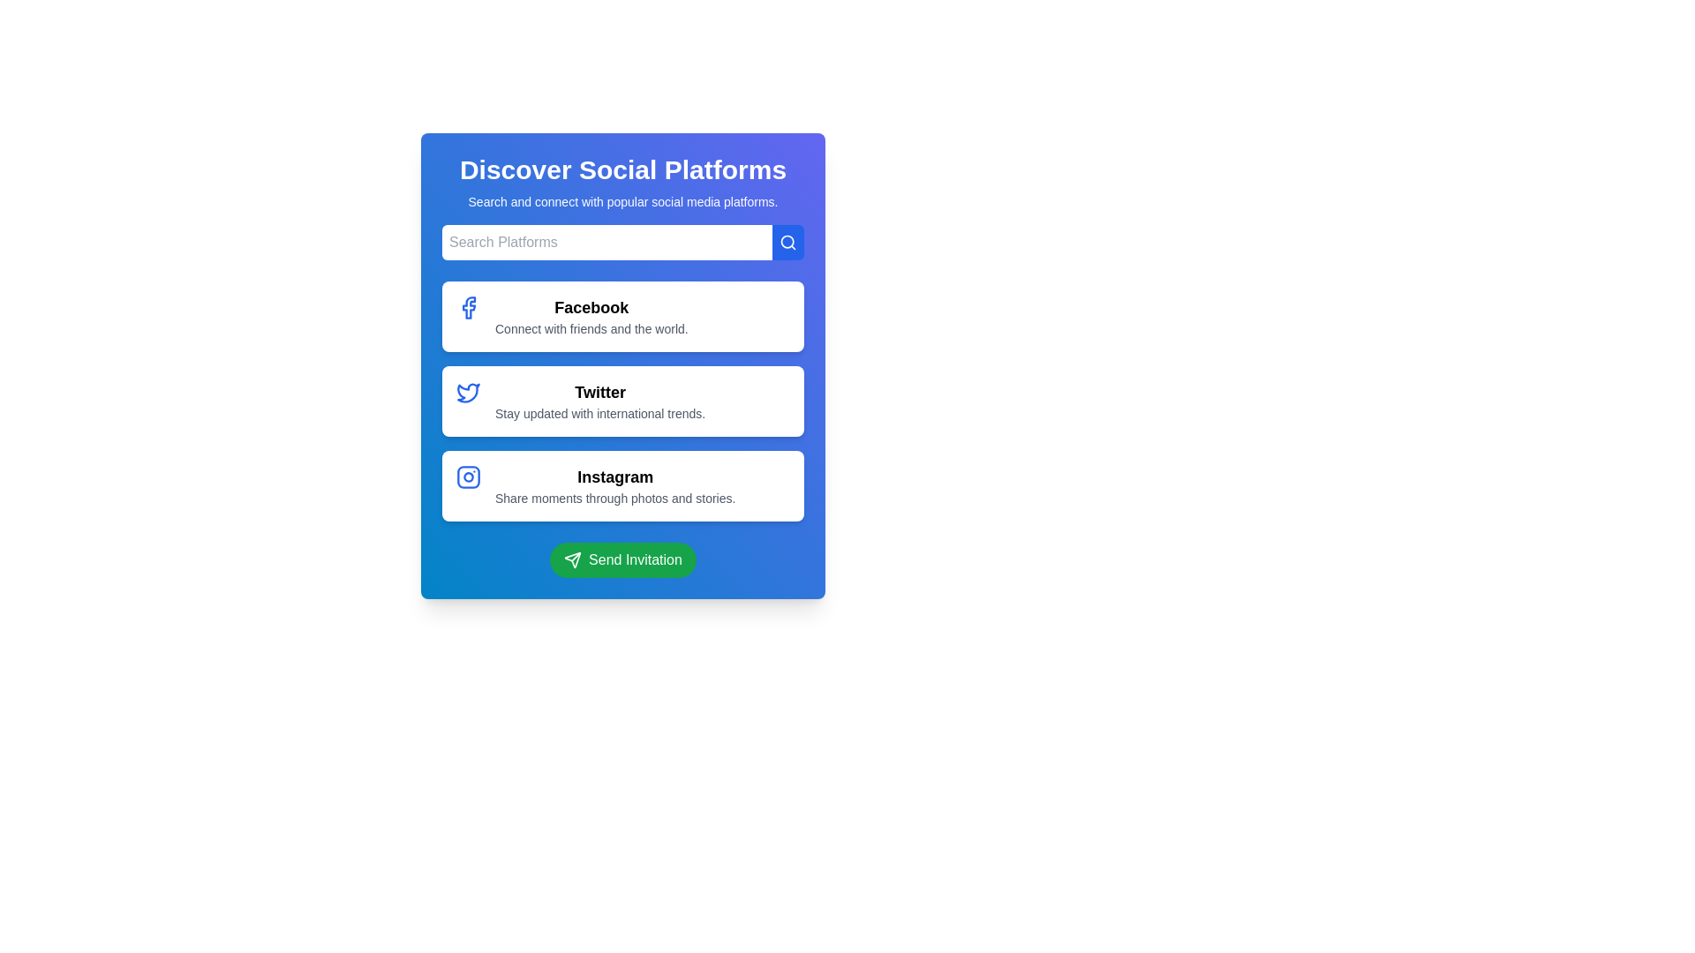 This screenshot has width=1695, height=953. What do you see at coordinates (469, 476) in the screenshot?
I see `the Instagram icon component located at the center of the icon on the interface` at bounding box center [469, 476].